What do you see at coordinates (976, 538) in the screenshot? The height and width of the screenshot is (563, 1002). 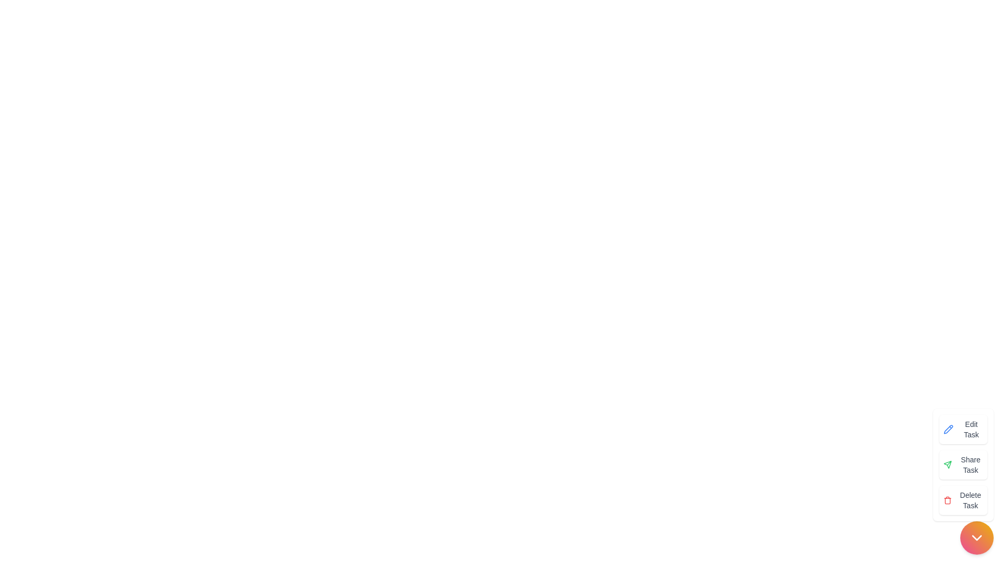 I see `the speed dial toggle button to toggle the menu open or closed` at bounding box center [976, 538].